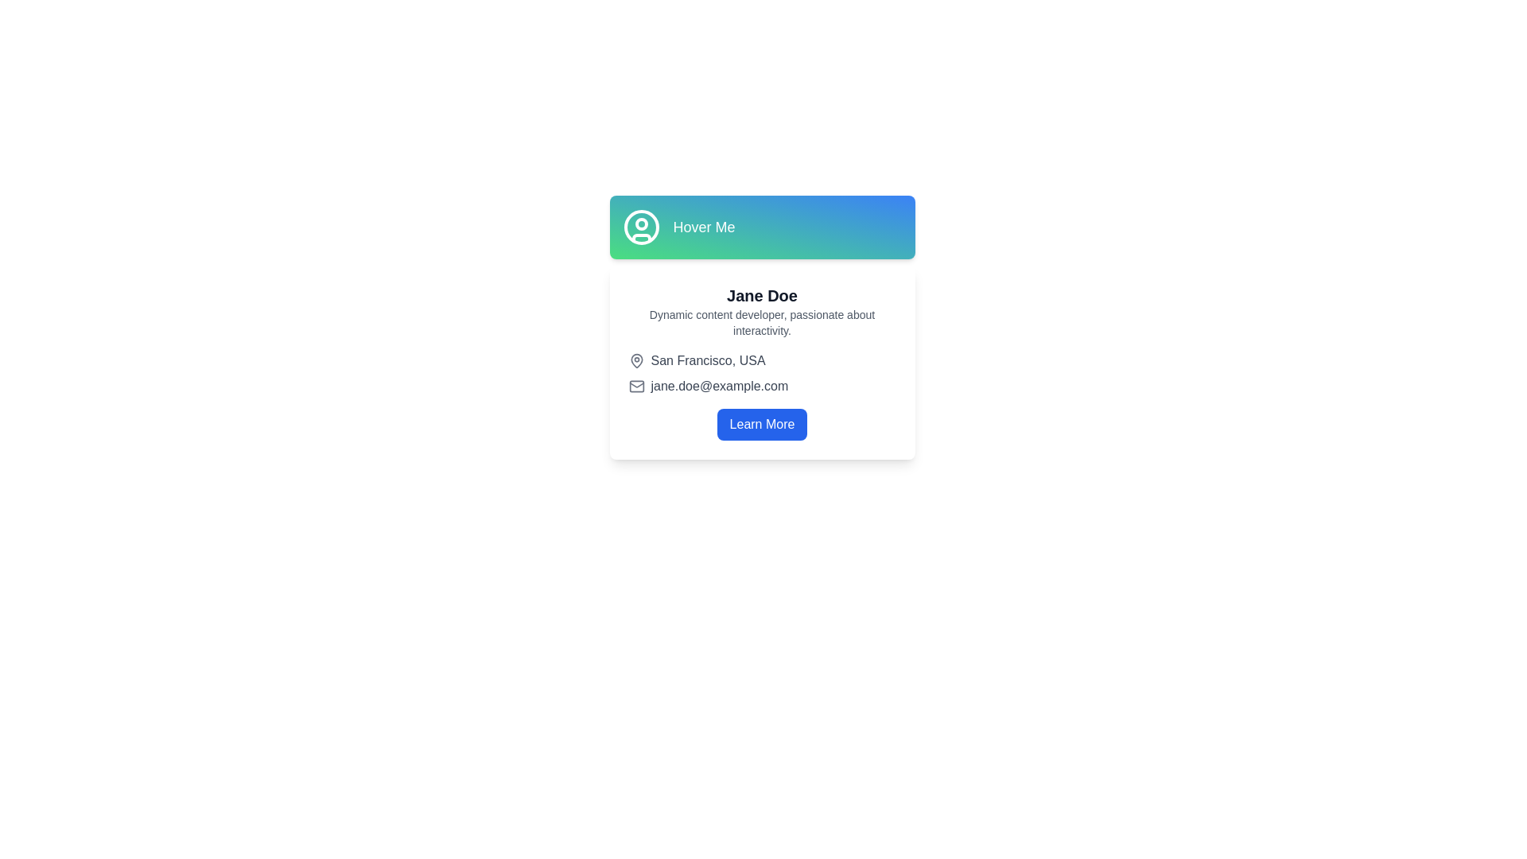 This screenshot has width=1527, height=859. What do you see at coordinates (761, 361) in the screenshot?
I see `the text label displaying the user's location 'San Francisco, USA', which is positioned under the heading 'Jane Doe' and above the email address 'jane.doe@example.com'` at bounding box center [761, 361].